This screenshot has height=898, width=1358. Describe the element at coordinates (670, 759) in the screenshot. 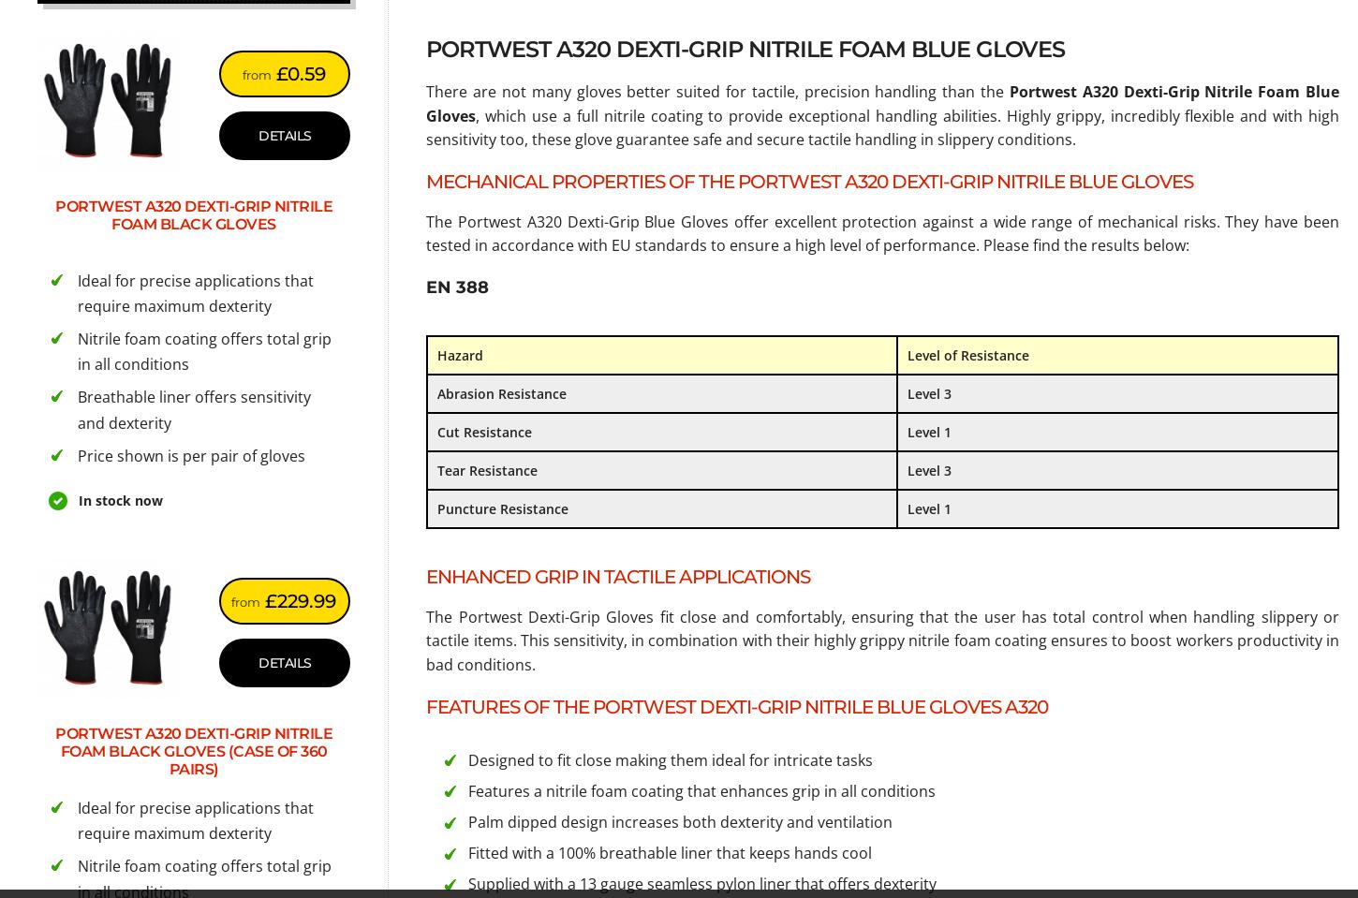

I see `'Designed to fit close making them ideal for intricate tasks'` at that location.